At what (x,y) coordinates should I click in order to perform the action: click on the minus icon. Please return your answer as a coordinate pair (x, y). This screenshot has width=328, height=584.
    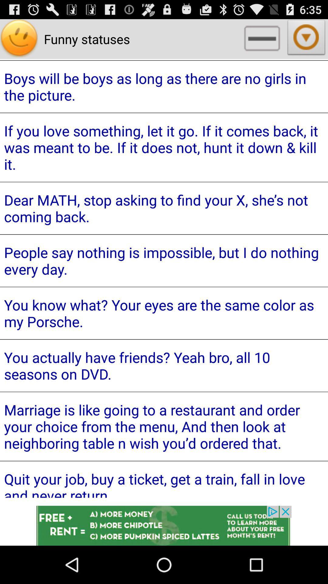
    Looking at the image, I should click on (261, 40).